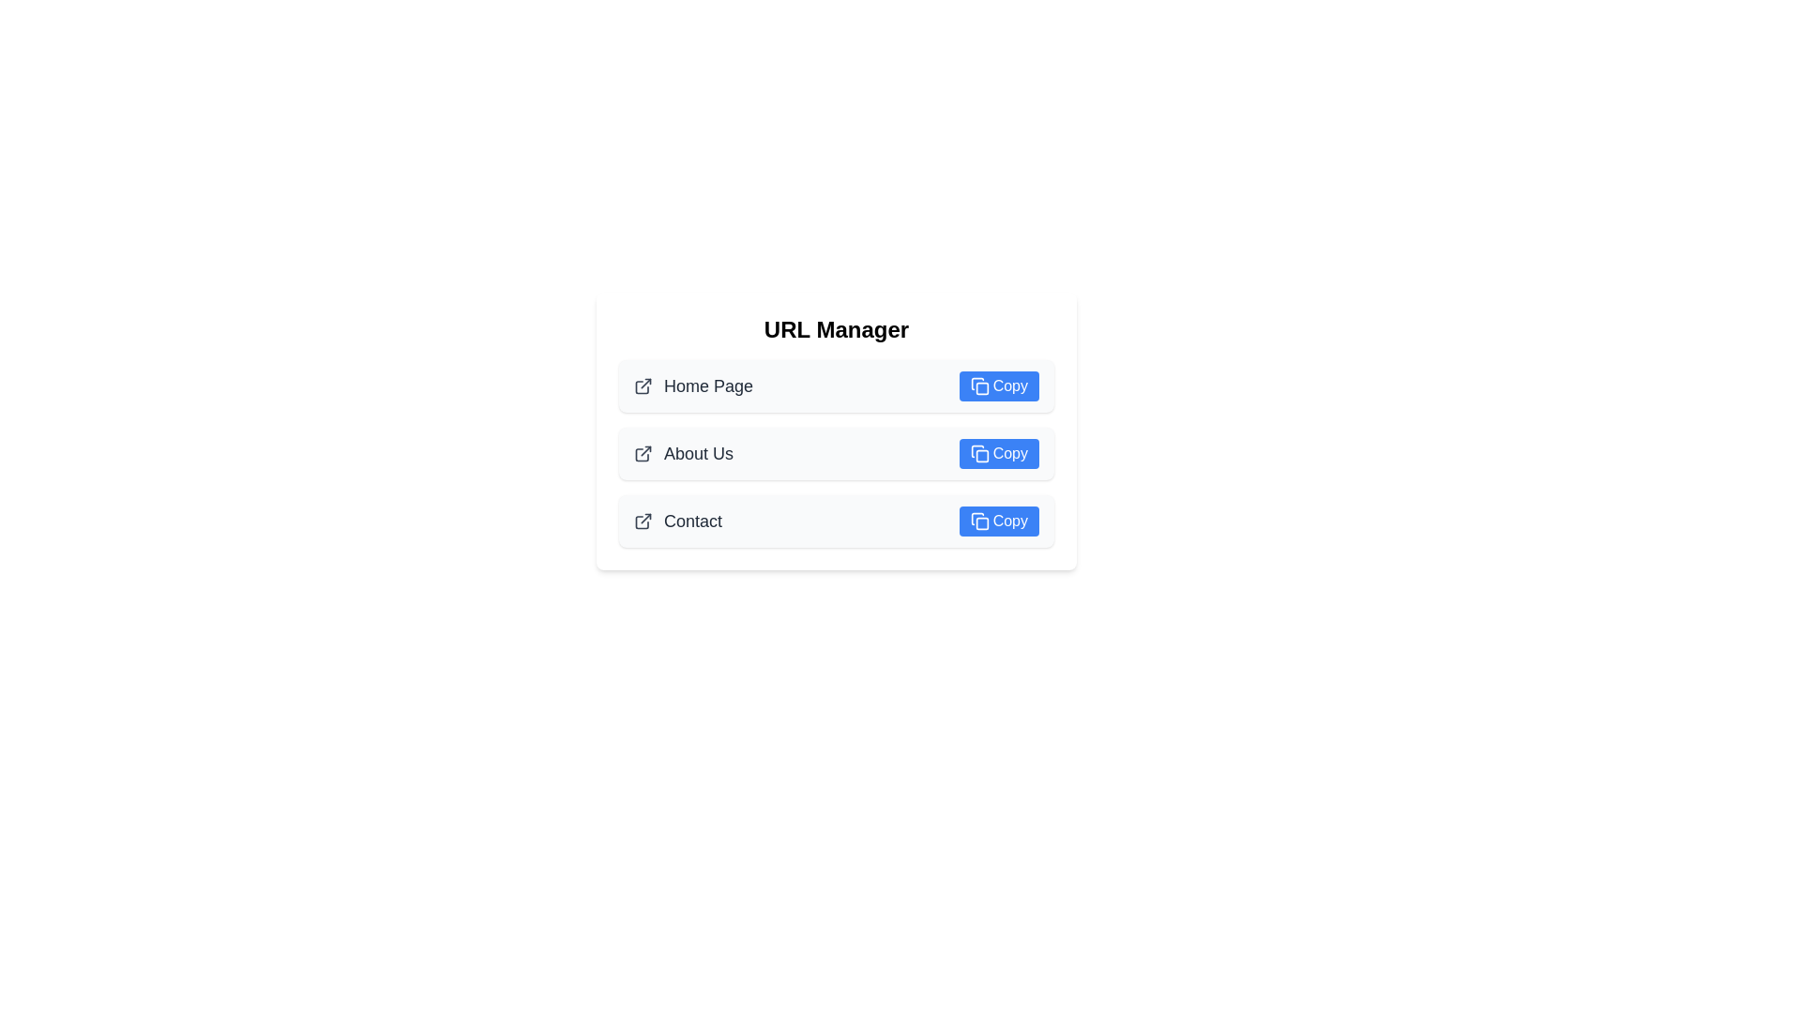 Image resolution: width=1801 pixels, height=1013 pixels. Describe the element at coordinates (998, 453) in the screenshot. I see `the blue 'Copy' button with a clipboard icon` at that location.